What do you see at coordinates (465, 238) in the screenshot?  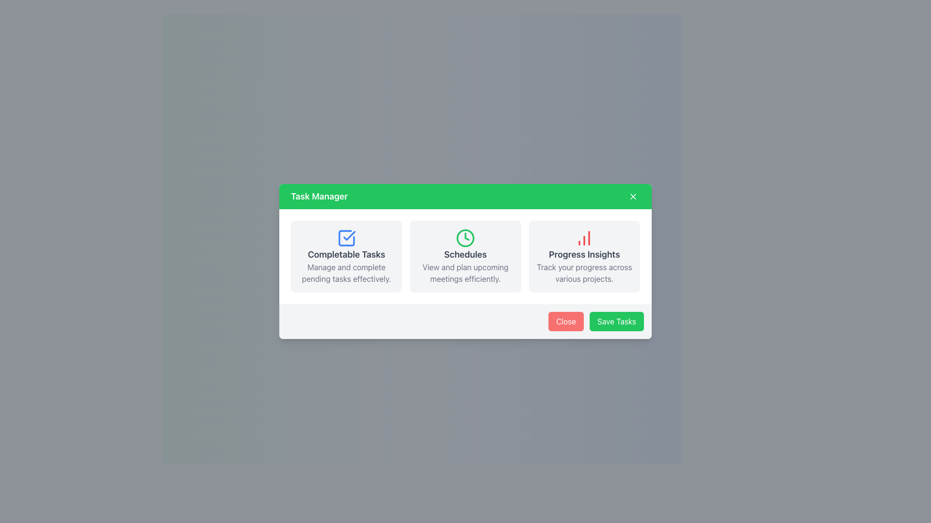 I see `the clock icon that represents scheduling in the Task Manager interface, located above the 'Schedules' label` at bounding box center [465, 238].